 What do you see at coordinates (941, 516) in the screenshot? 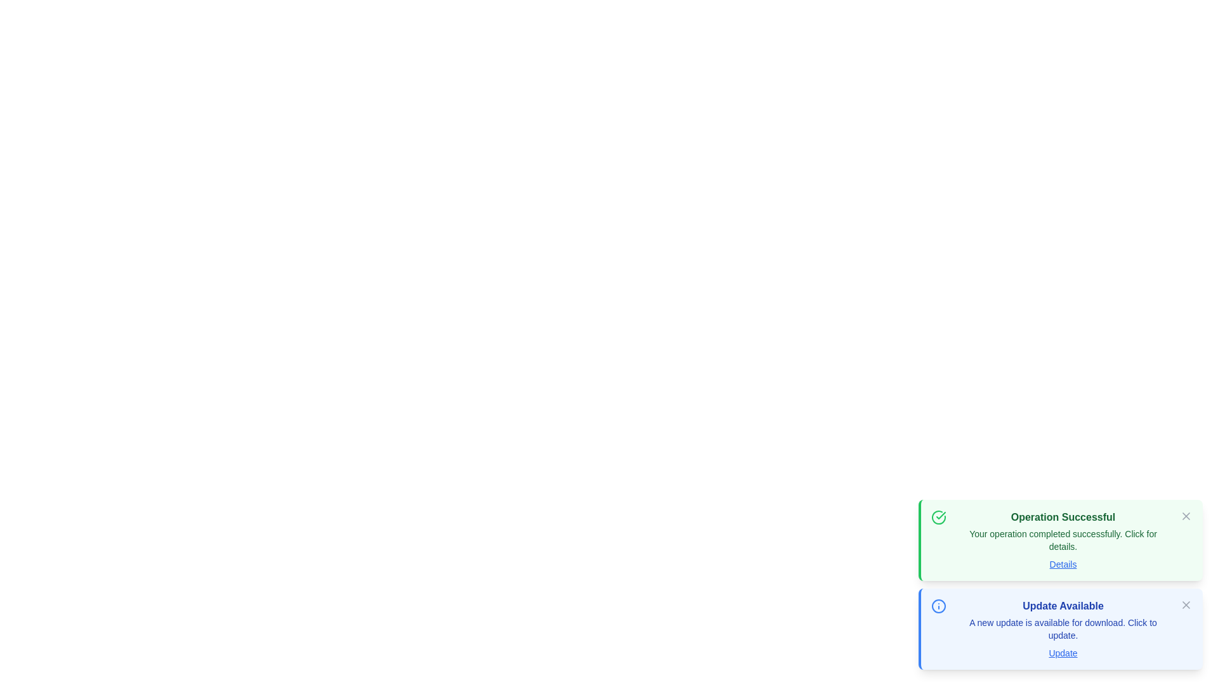
I see `the green checkmark icon located inside the green notification box near the top-left side of the notification, which serves as a visual indicator for successful operations or confirmations` at bounding box center [941, 516].